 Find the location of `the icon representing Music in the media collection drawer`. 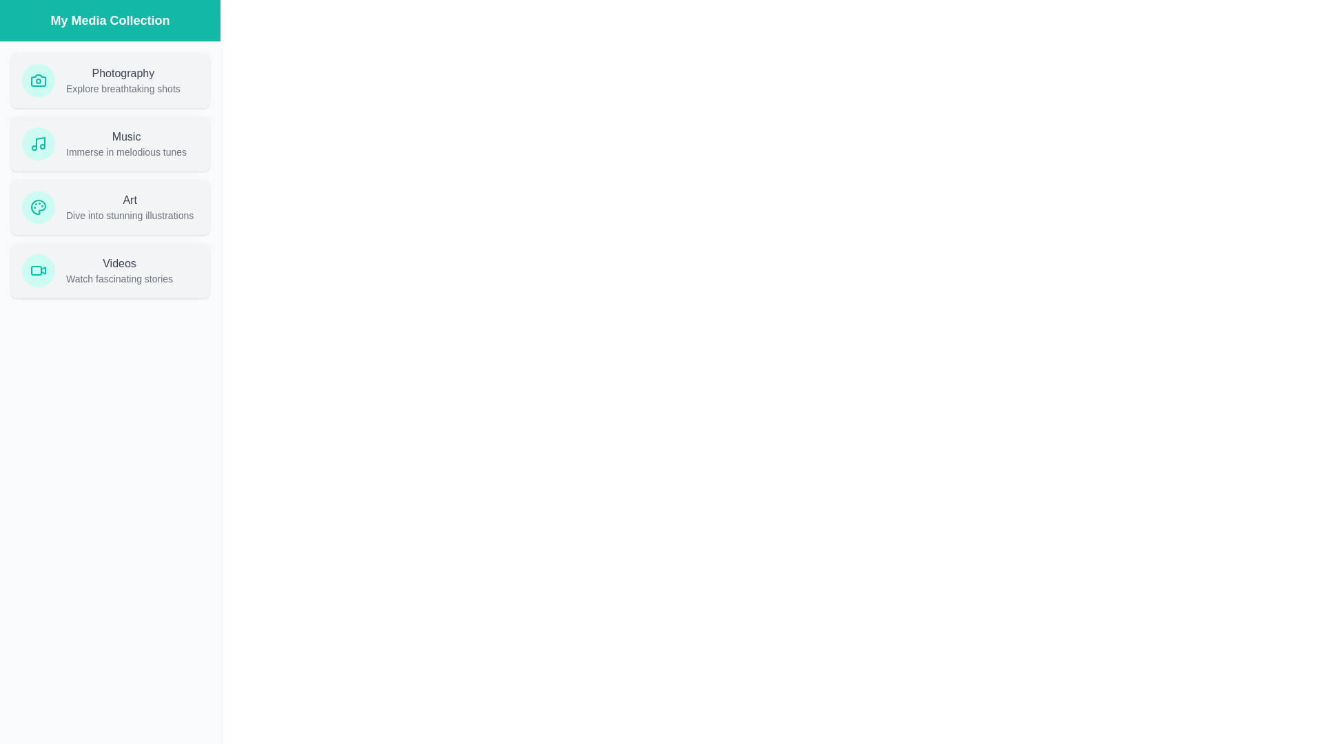

the icon representing Music in the media collection drawer is located at coordinates (39, 143).